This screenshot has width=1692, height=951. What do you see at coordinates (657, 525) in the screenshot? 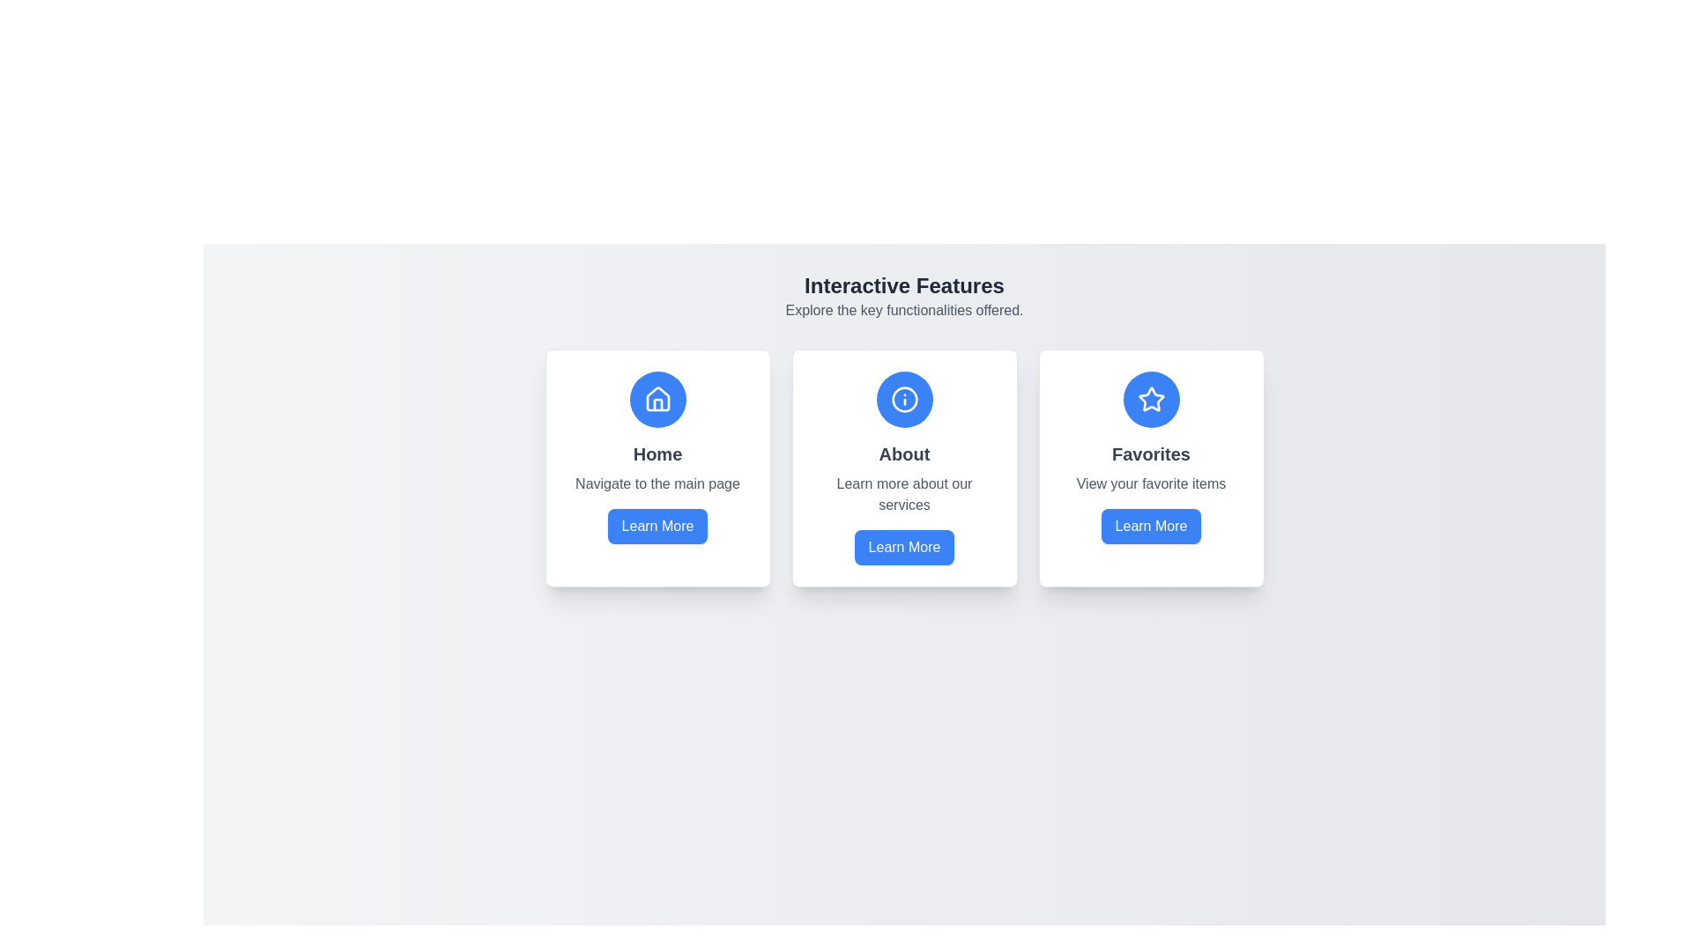
I see `the 'Learn More' button, which is a rectangular button with white text on a blue background located at the bottom of the 'Home' card` at bounding box center [657, 525].